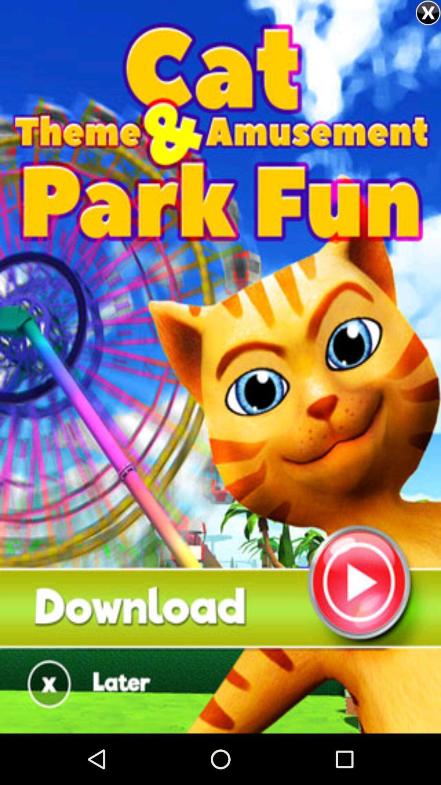  Describe the element at coordinates (428, 13) in the screenshot. I see `the close icon` at that location.